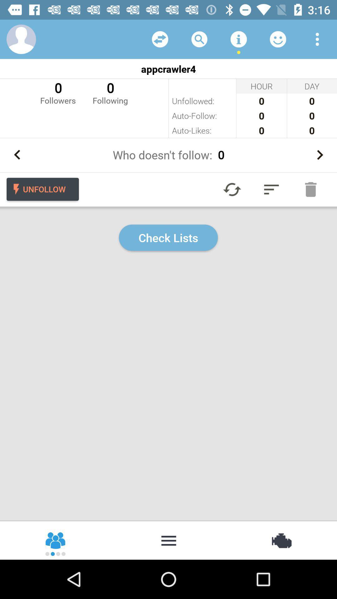  Describe the element at coordinates (271, 189) in the screenshot. I see `check list` at that location.